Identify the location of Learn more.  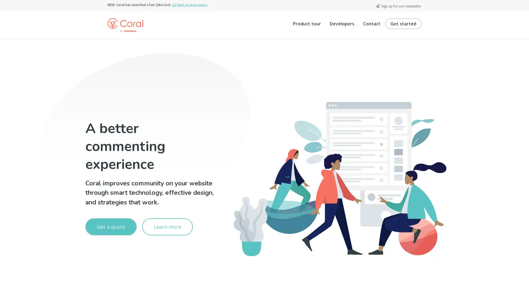
(167, 227).